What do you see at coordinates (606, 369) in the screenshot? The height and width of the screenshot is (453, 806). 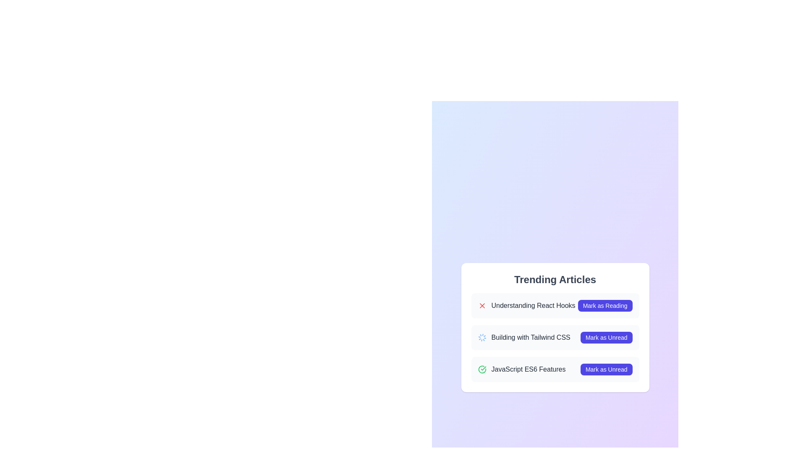 I see `the 'Mark as Unread' button located at the bottom row of the 'Trending Articles' section, aligned with the text 'JavaScript ES6 Features'` at bounding box center [606, 369].